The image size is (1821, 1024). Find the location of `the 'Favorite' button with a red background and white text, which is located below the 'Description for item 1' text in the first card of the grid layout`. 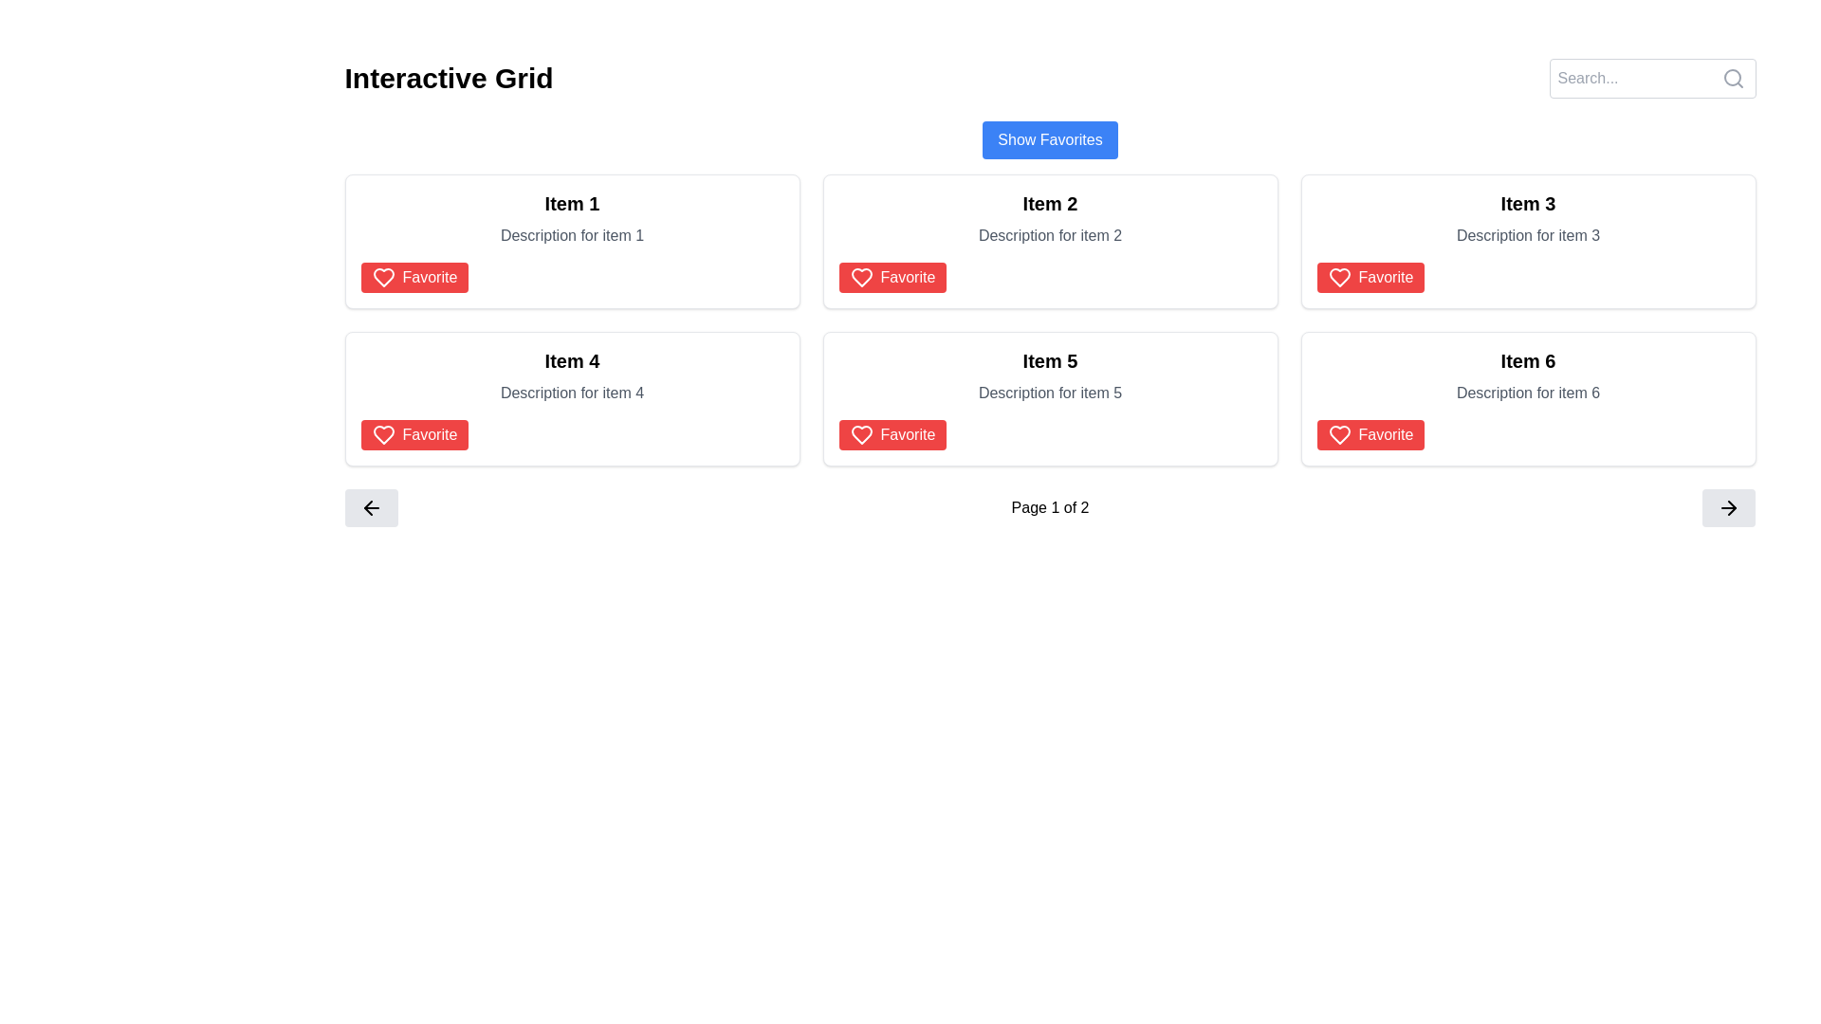

the 'Favorite' button with a red background and white text, which is located below the 'Description for item 1' text in the first card of the grid layout is located at coordinates (414, 278).